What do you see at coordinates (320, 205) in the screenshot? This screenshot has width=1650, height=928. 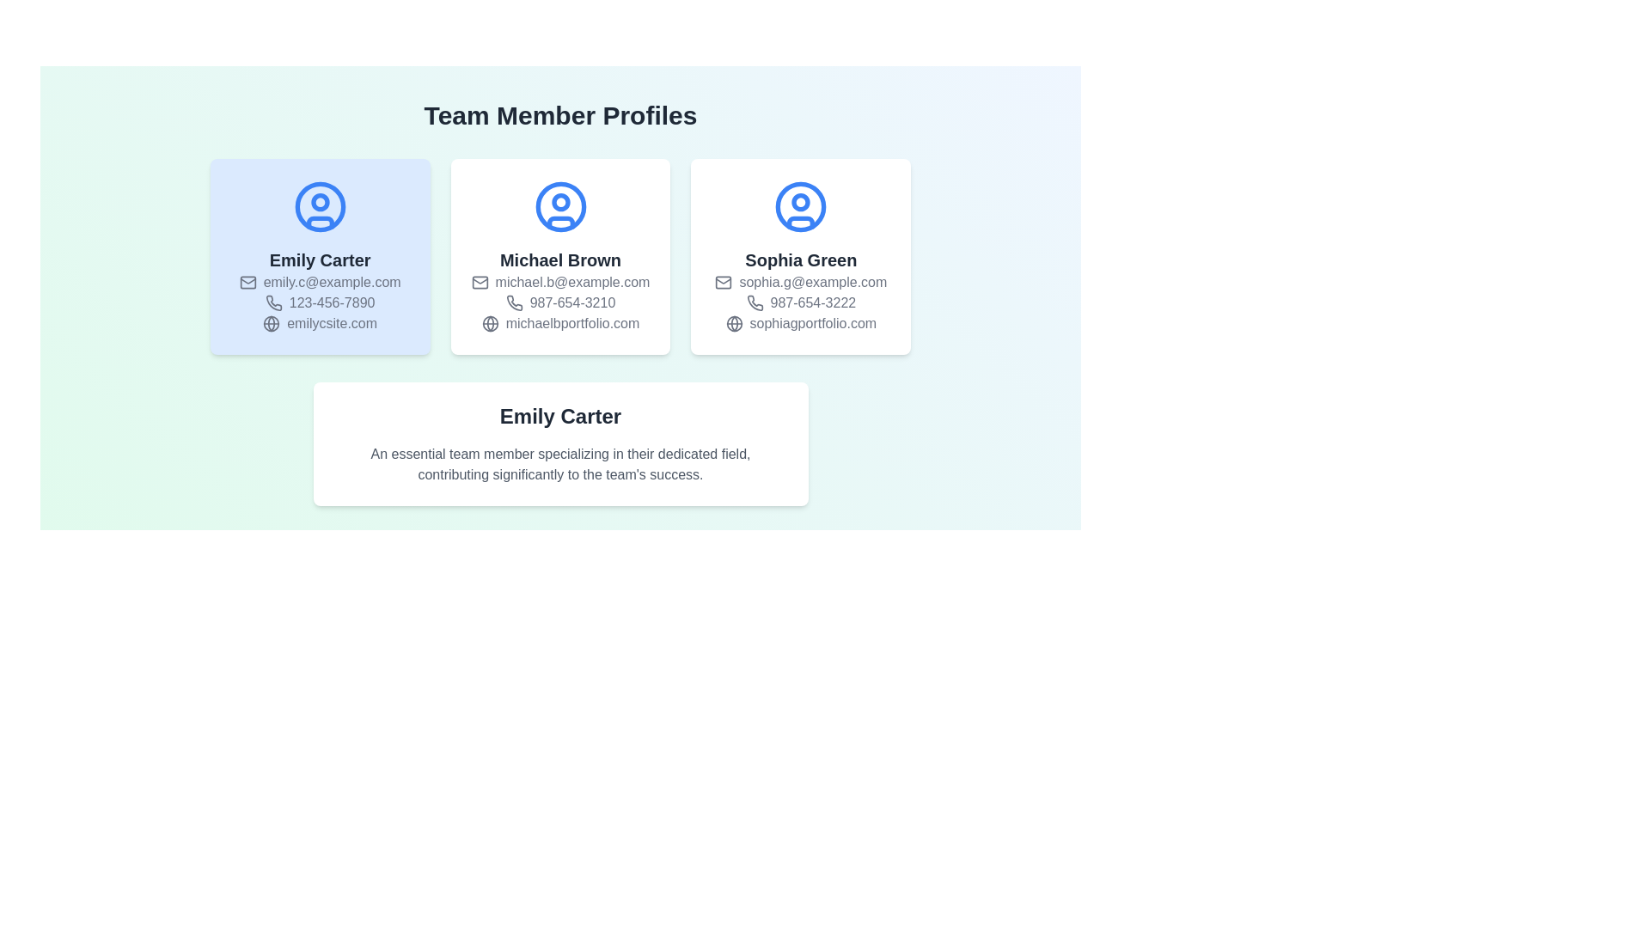 I see `the circular blue user profile icon representing 'Emily Carter' in the Team Member Profiles section, located at the top-center of the card` at bounding box center [320, 205].